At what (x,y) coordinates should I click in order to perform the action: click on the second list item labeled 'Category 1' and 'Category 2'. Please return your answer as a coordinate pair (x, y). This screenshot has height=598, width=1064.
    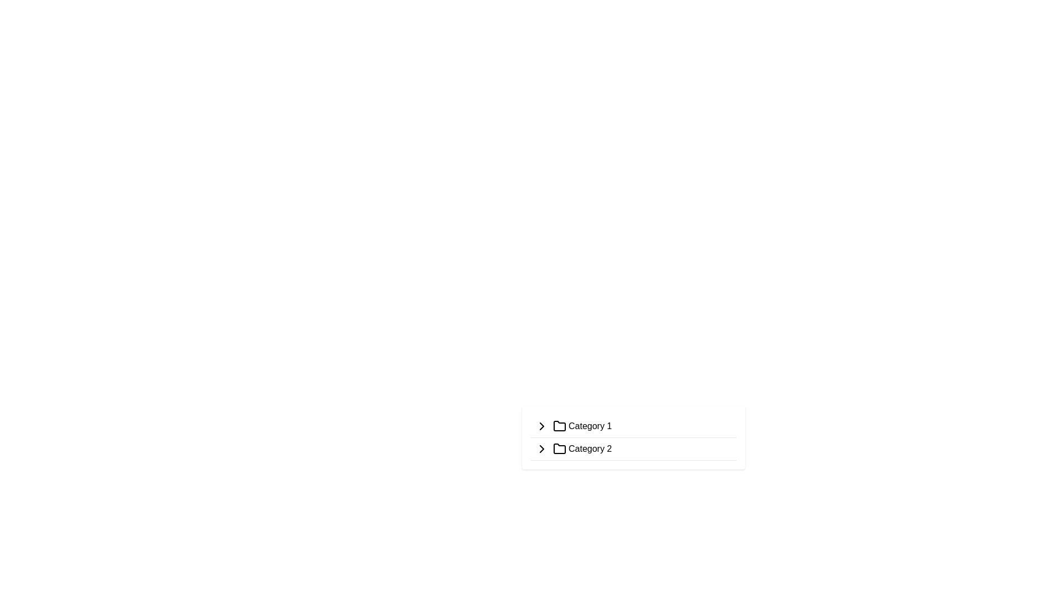
    Looking at the image, I should click on (633, 437).